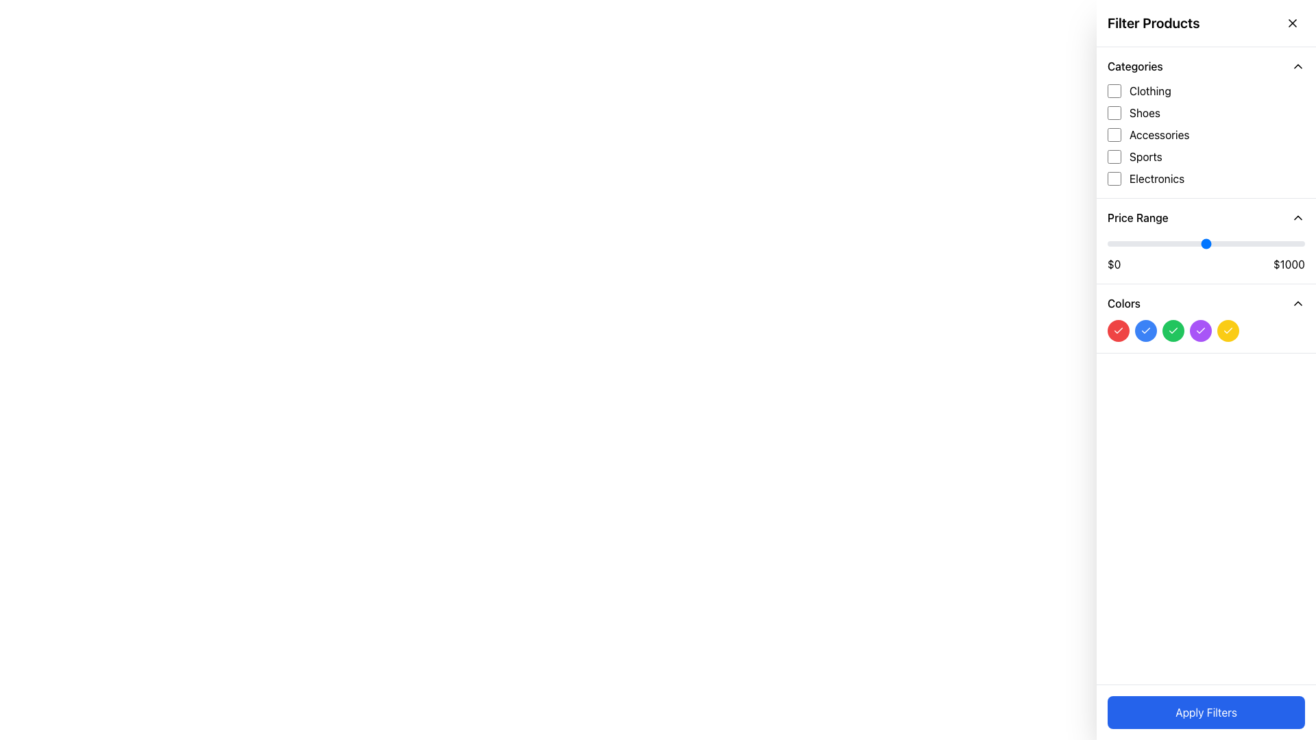  Describe the element at coordinates (1119, 330) in the screenshot. I see `the leftmost circular color selection button representing the color red in the 'Colors' section of the sidebar` at that location.